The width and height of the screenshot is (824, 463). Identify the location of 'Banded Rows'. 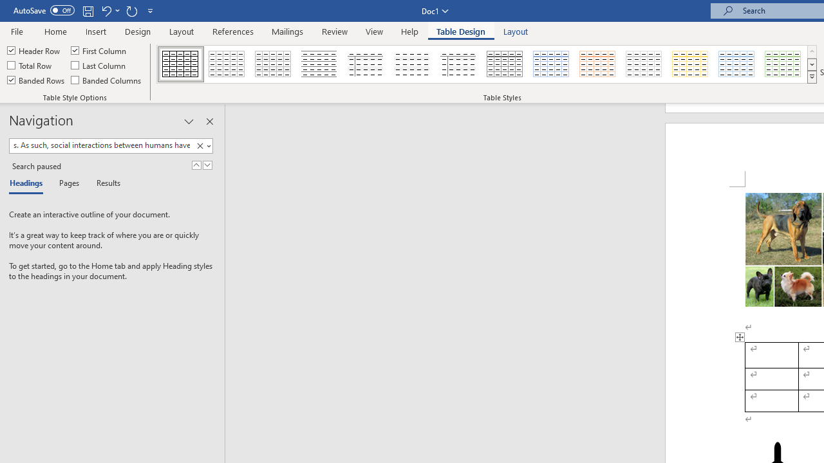
(37, 80).